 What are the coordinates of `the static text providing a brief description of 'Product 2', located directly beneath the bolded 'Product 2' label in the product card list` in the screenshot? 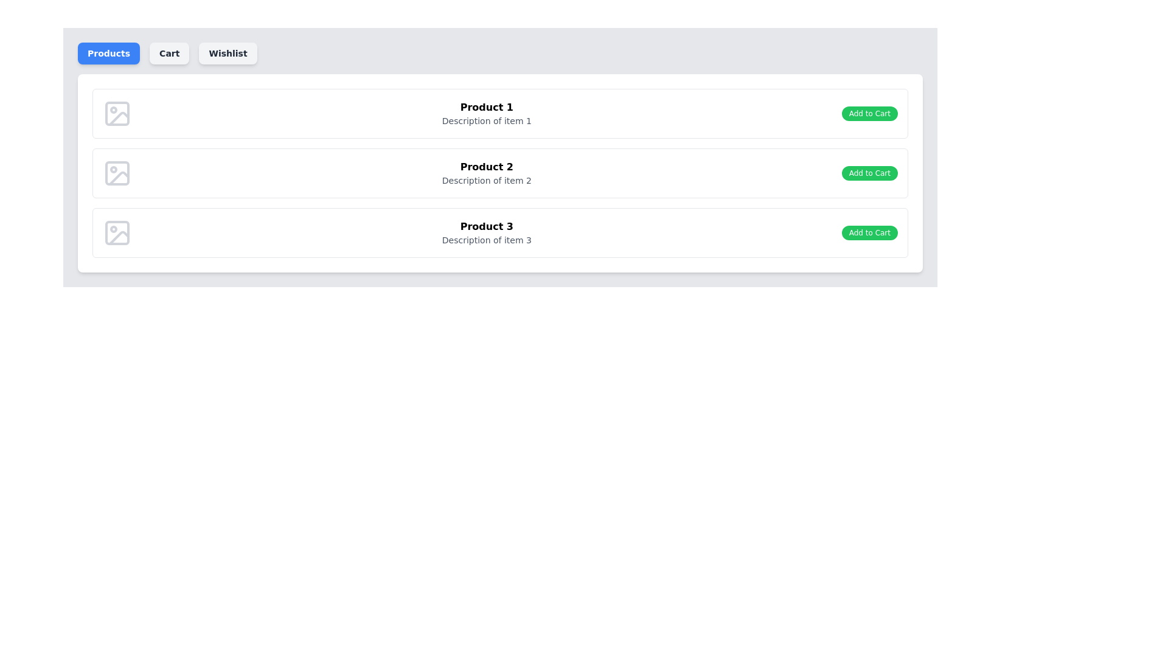 It's located at (487, 181).